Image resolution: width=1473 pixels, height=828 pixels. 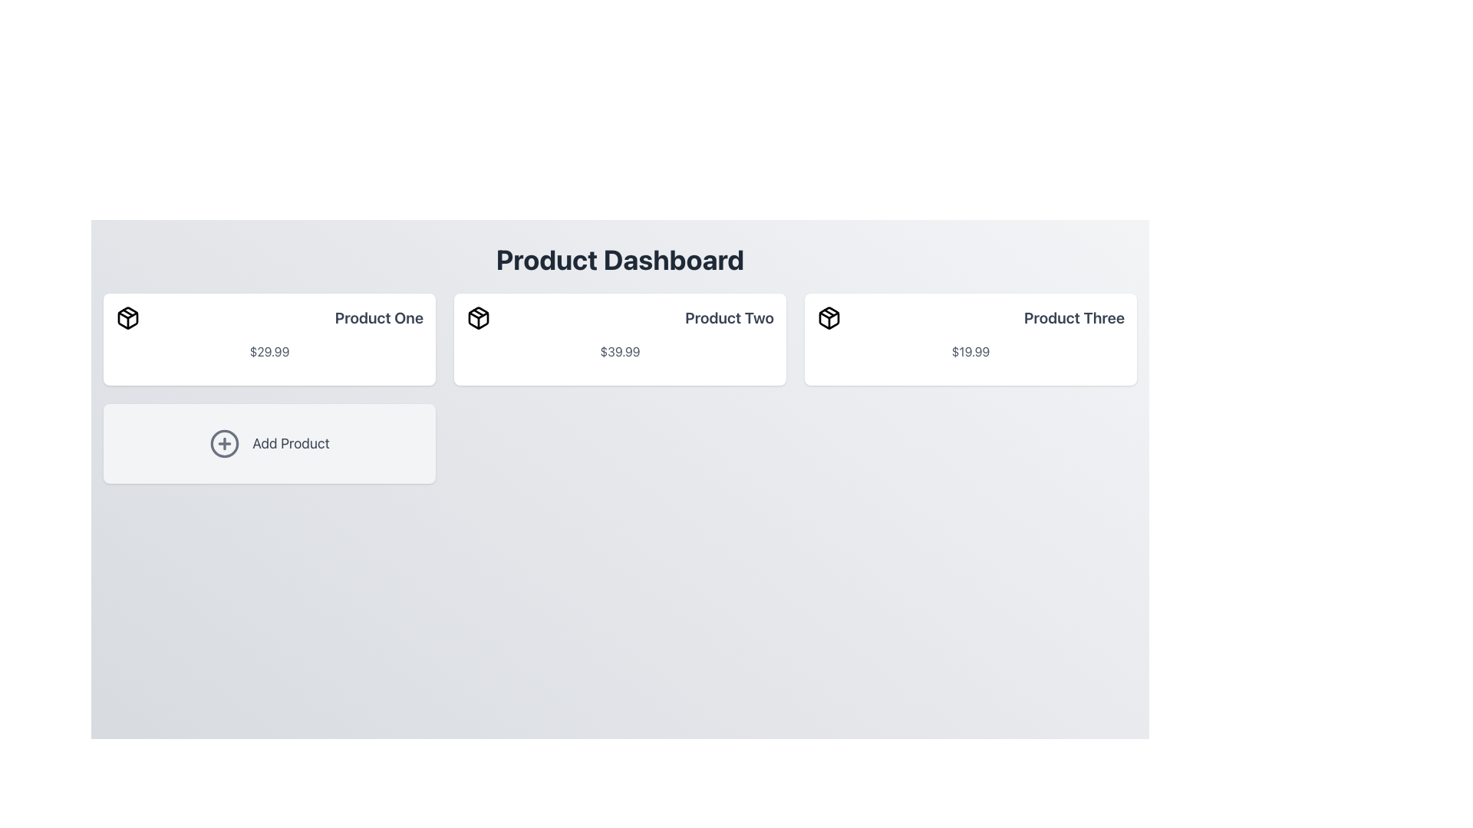 What do you see at coordinates (478, 317) in the screenshot?
I see `the 3D rectangular box icon located in the middle of the interface, above 'Product Two' and below 'Product Dashboard'` at bounding box center [478, 317].